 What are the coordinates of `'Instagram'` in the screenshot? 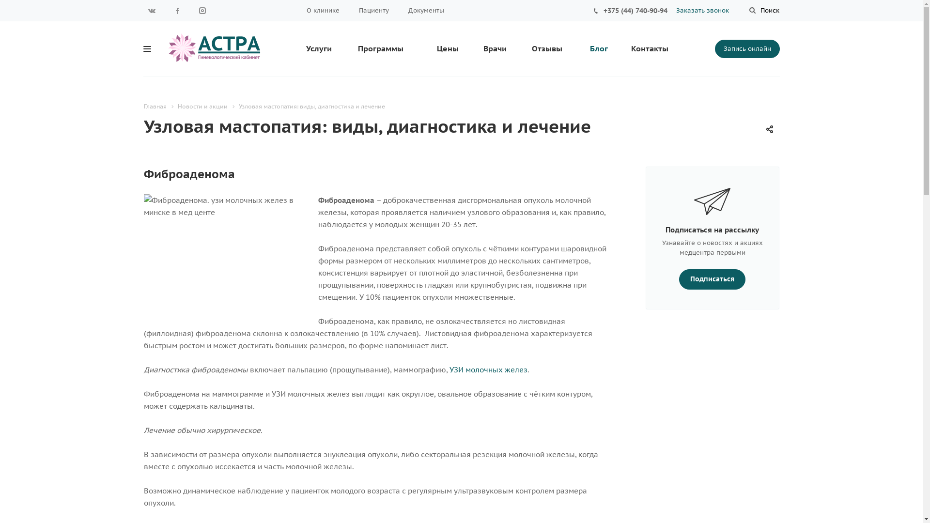 It's located at (201, 11).